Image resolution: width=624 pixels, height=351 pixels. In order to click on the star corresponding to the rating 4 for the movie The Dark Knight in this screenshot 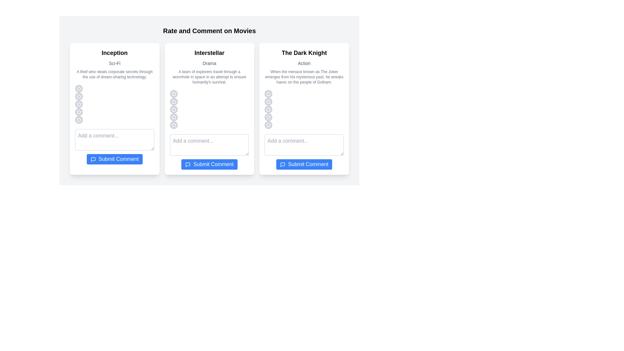, I will do `click(268, 117)`.